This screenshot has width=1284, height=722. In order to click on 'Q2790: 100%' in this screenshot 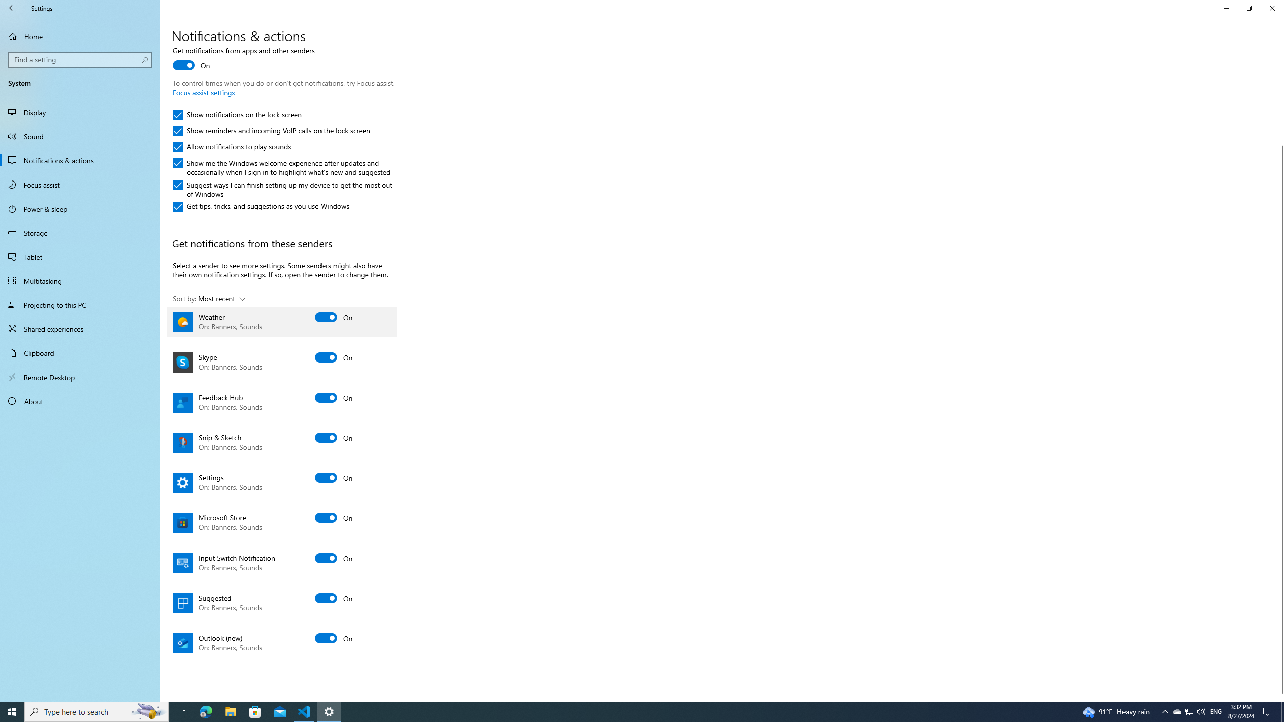, I will do `click(1200, 711)`.